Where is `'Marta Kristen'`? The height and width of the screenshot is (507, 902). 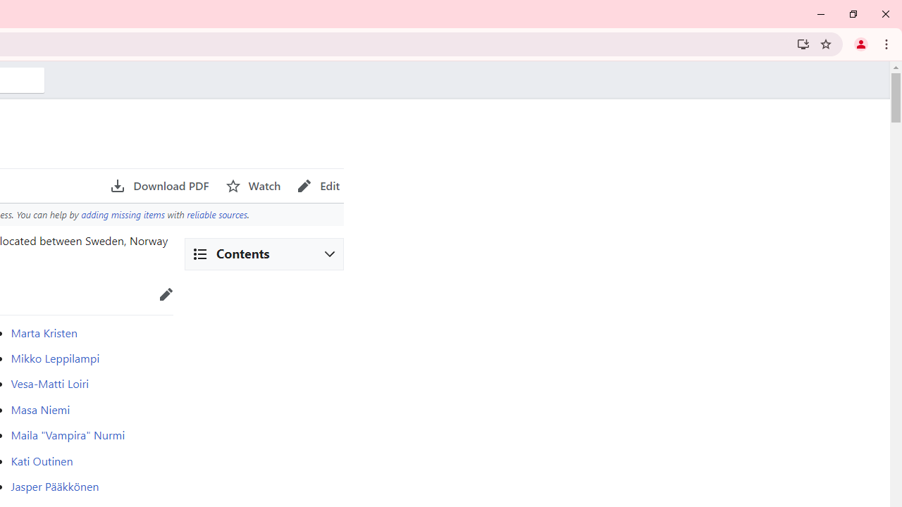
'Marta Kristen' is located at coordinates (44, 332).